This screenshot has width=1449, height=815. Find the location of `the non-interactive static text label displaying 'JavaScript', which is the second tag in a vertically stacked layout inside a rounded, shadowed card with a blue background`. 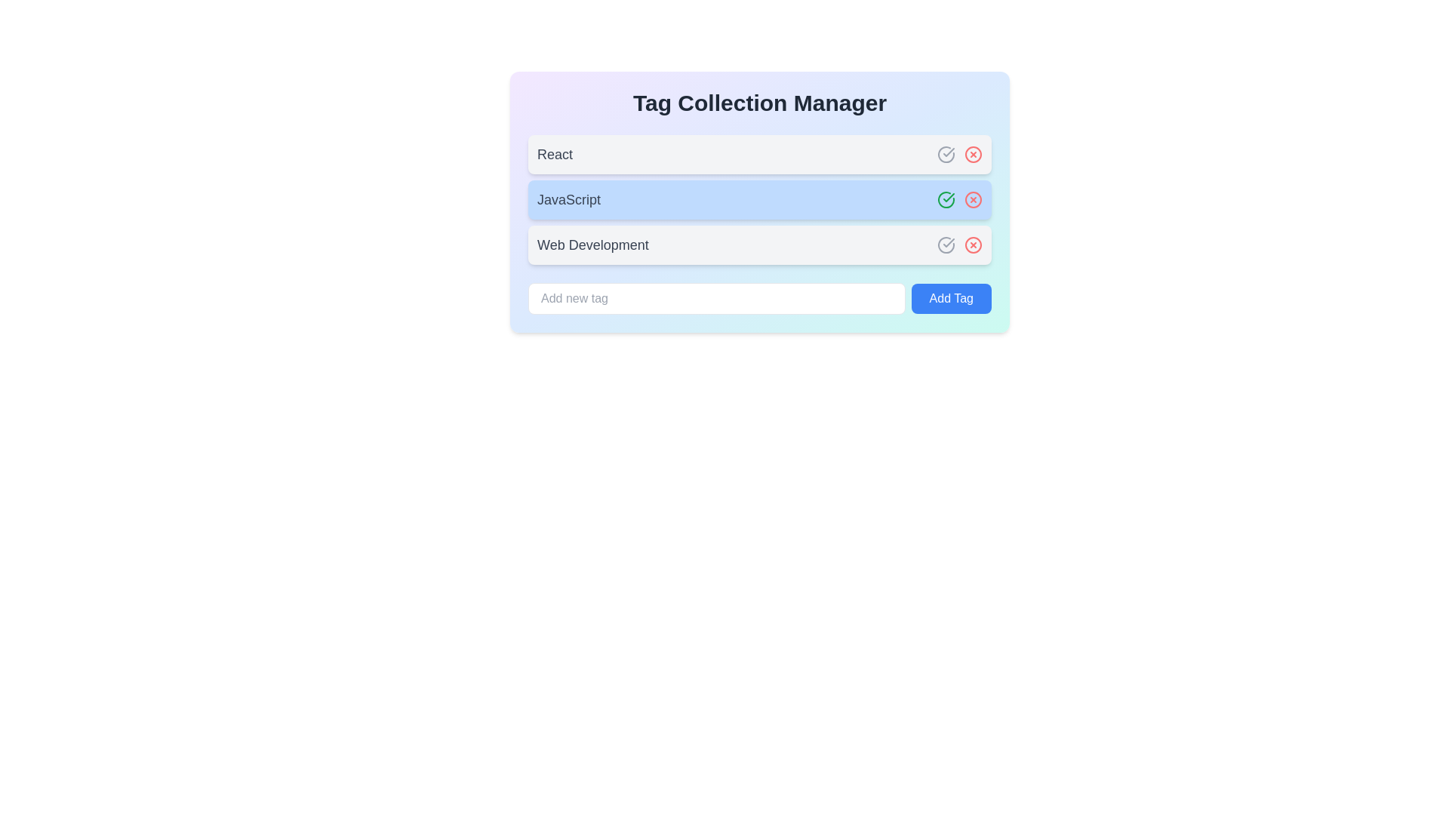

the non-interactive static text label displaying 'JavaScript', which is the second tag in a vertically stacked layout inside a rounded, shadowed card with a blue background is located at coordinates (568, 199).